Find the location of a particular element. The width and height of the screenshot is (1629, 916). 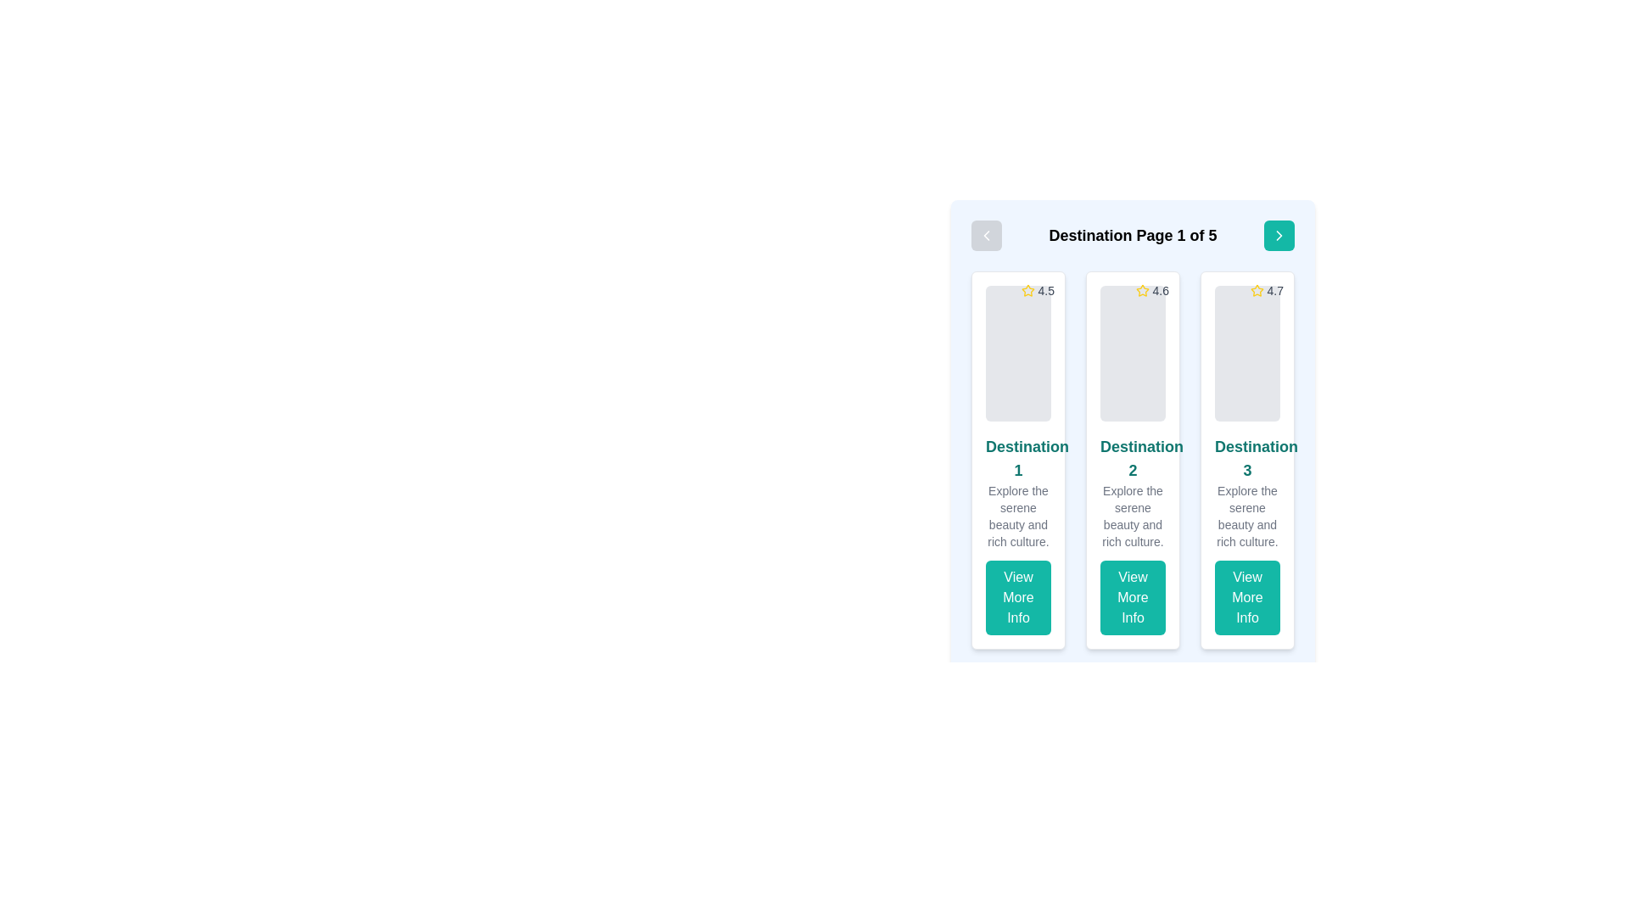

the star icon representing the user rating on the third card in the horizontal list, located near the top-right corner of the card is located at coordinates (1257, 289).